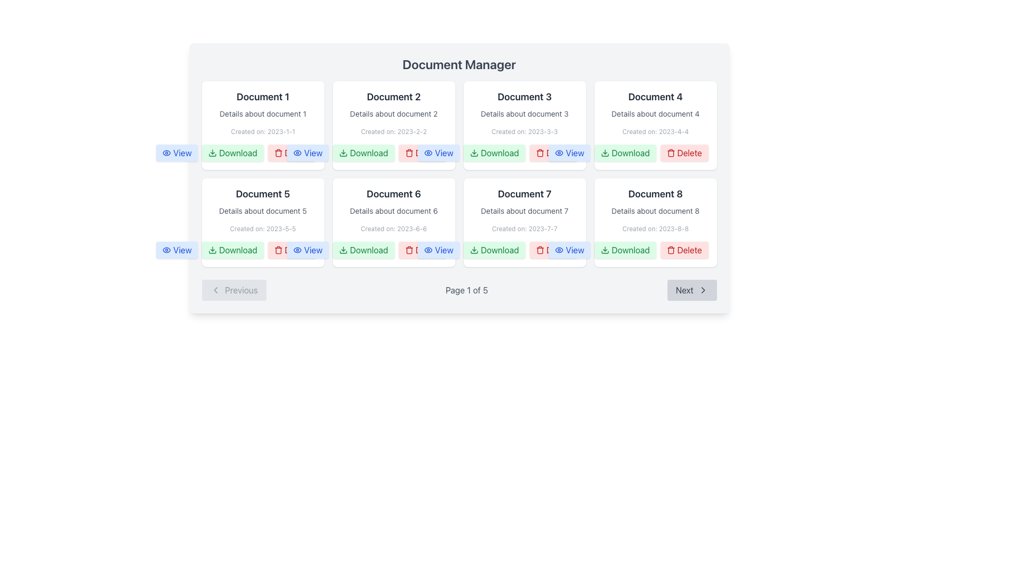 The height and width of the screenshot is (570, 1013). Describe the element at coordinates (559, 153) in the screenshot. I see `the eye icon within the rounded button labeled 'View', which is part of the card for 'Document 3' in the second row` at that location.